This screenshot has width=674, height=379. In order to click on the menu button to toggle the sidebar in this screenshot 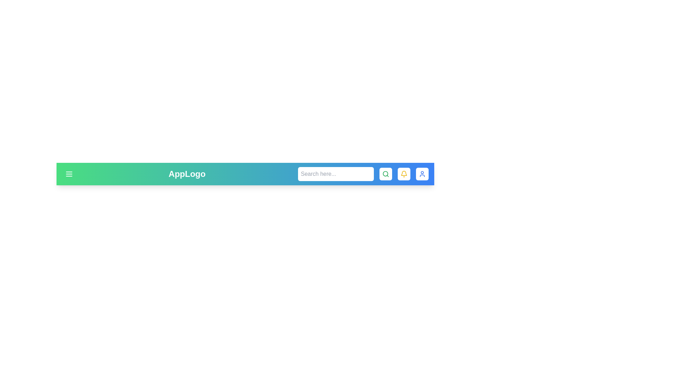, I will do `click(69, 174)`.